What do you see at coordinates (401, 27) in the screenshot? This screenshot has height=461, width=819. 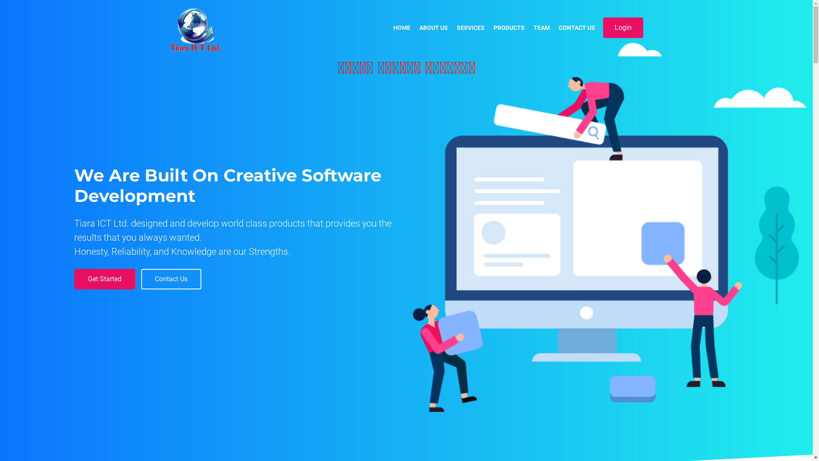 I see `'HOME'` at bounding box center [401, 27].